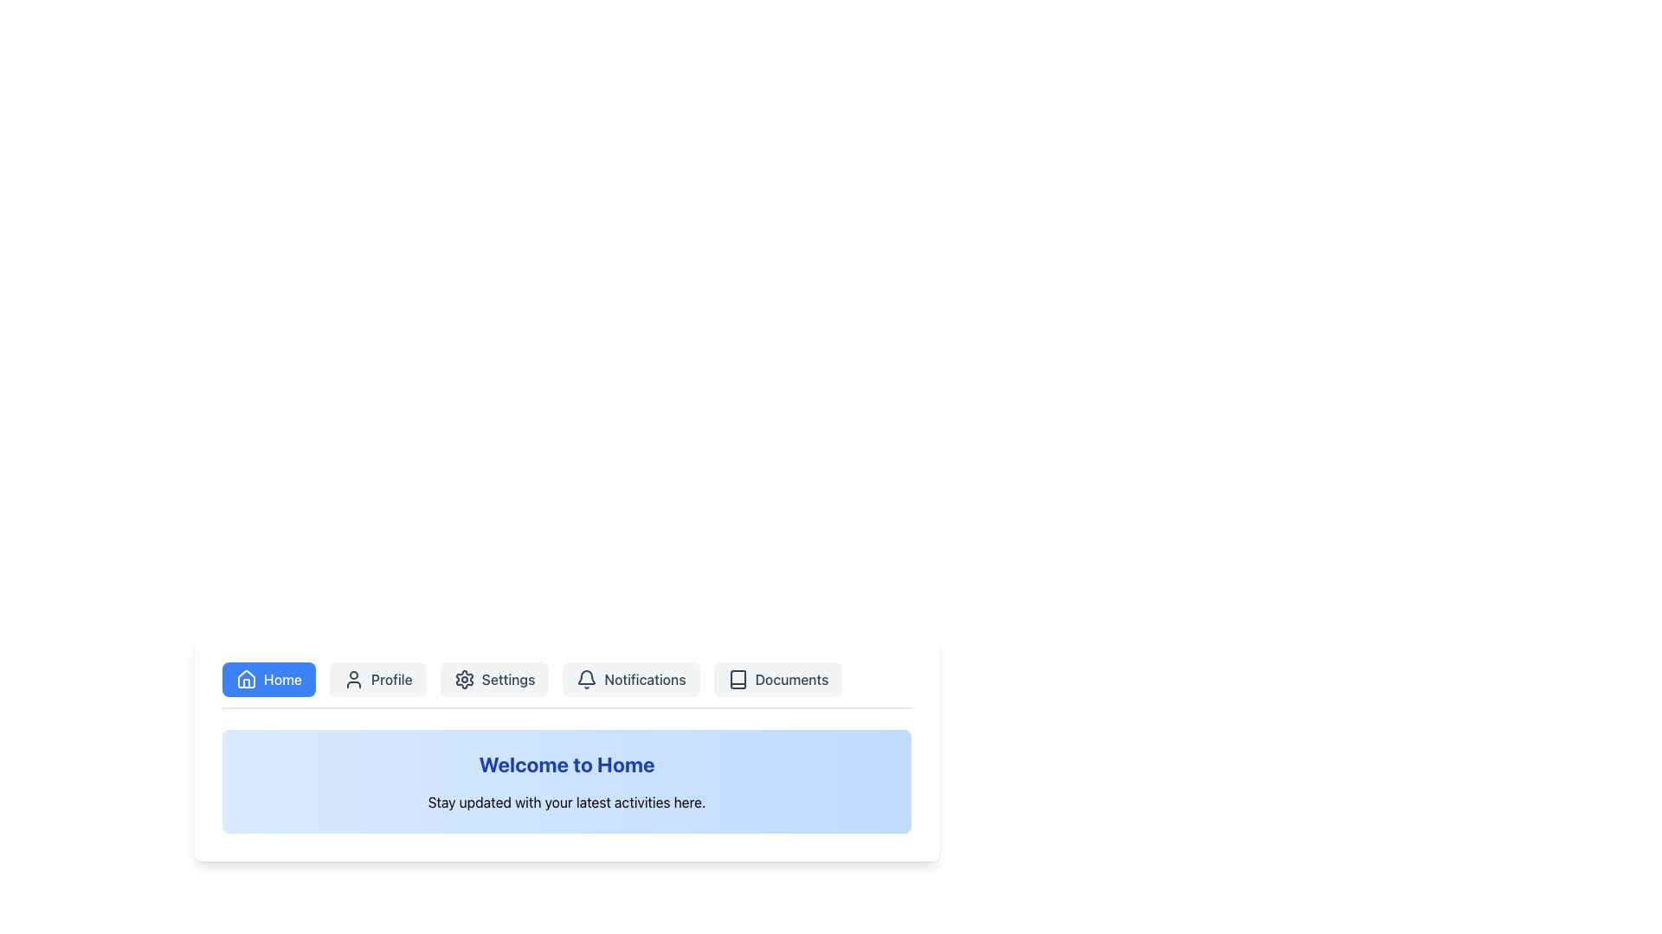  What do you see at coordinates (245, 679) in the screenshot?
I see `the home icon in the navigation bar, which is the leftmost button labeled 'Home'` at bounding box center [245, 679].